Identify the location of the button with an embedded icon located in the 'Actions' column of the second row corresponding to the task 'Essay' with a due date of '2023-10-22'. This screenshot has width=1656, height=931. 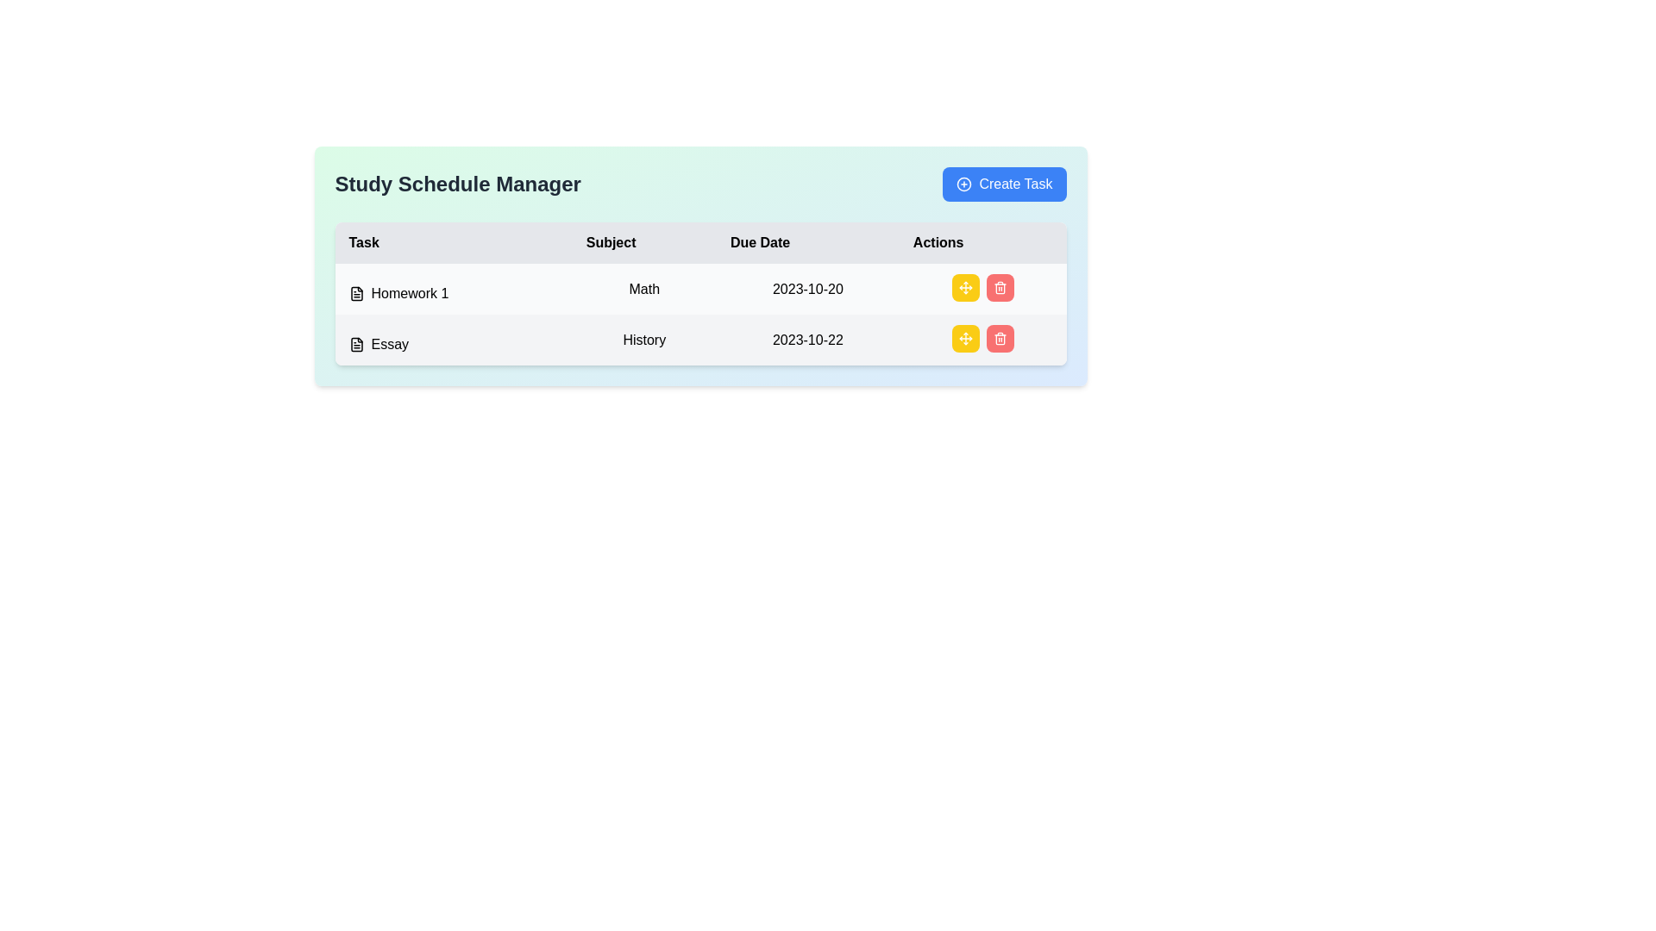
(964, 287).